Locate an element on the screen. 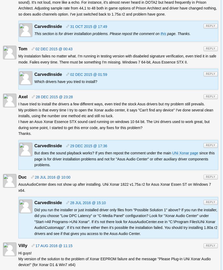 The height and width of the screenshot is (270, 223). 'I have an Asus Xonar Essence STX sound card running on windows 10 64 bit. The Uni drivers used to work great, but during some point, I started to get this error code, any fixes for this problem?' is located at coordinates (114, 125).